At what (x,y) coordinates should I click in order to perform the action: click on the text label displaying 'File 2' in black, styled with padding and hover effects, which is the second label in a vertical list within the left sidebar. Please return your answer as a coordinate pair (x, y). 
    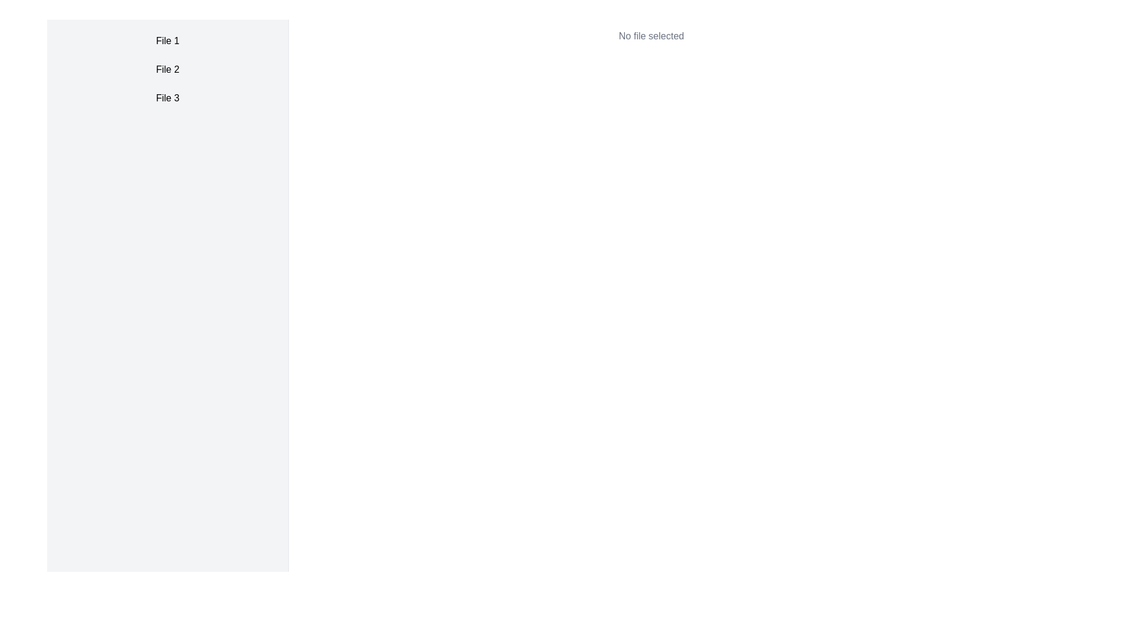
    Looking at the image, I should click on (167, 69).